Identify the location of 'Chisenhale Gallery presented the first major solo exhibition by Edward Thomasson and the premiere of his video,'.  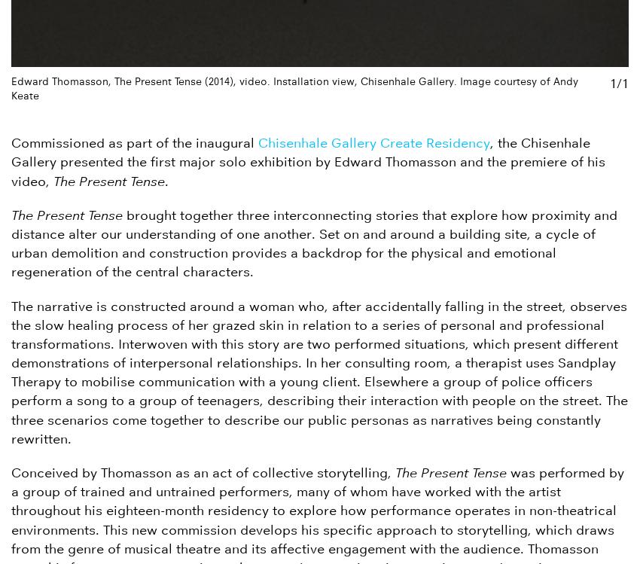
(308, 161).